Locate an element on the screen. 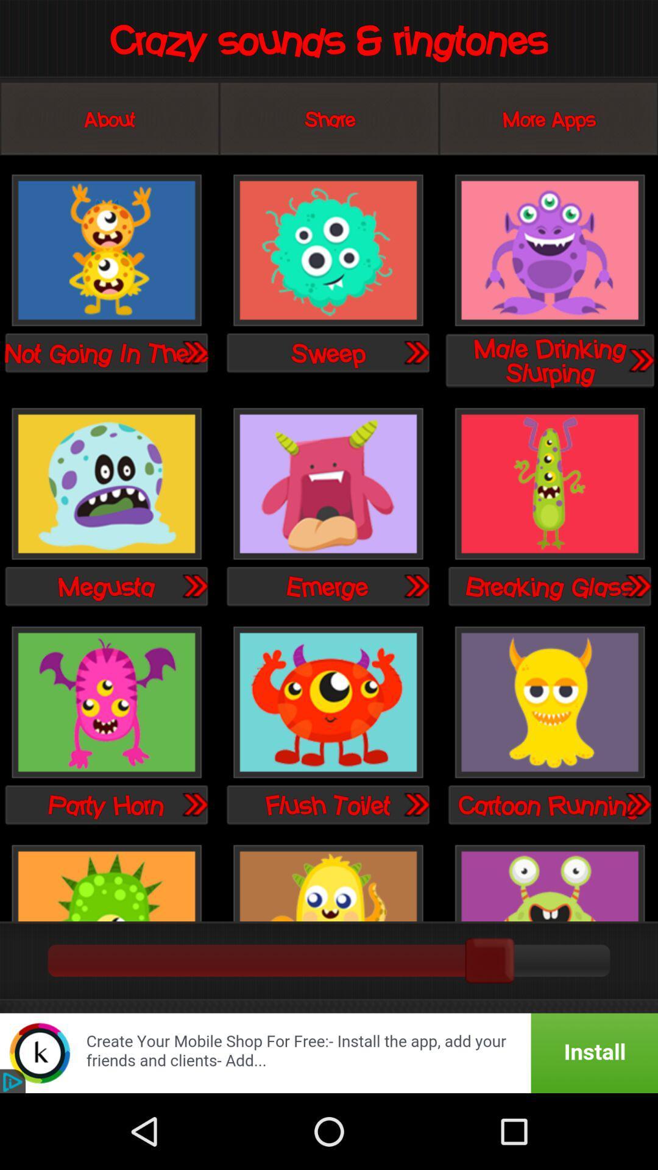  play option is located at coordinates (327, 250).